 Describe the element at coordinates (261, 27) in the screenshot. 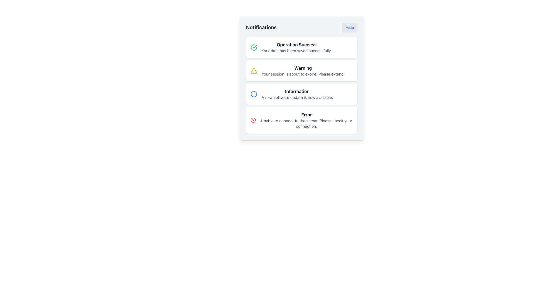

I see `the bold, large text label reading 'Notifications' located at the left side of the notification panel header` at that location.